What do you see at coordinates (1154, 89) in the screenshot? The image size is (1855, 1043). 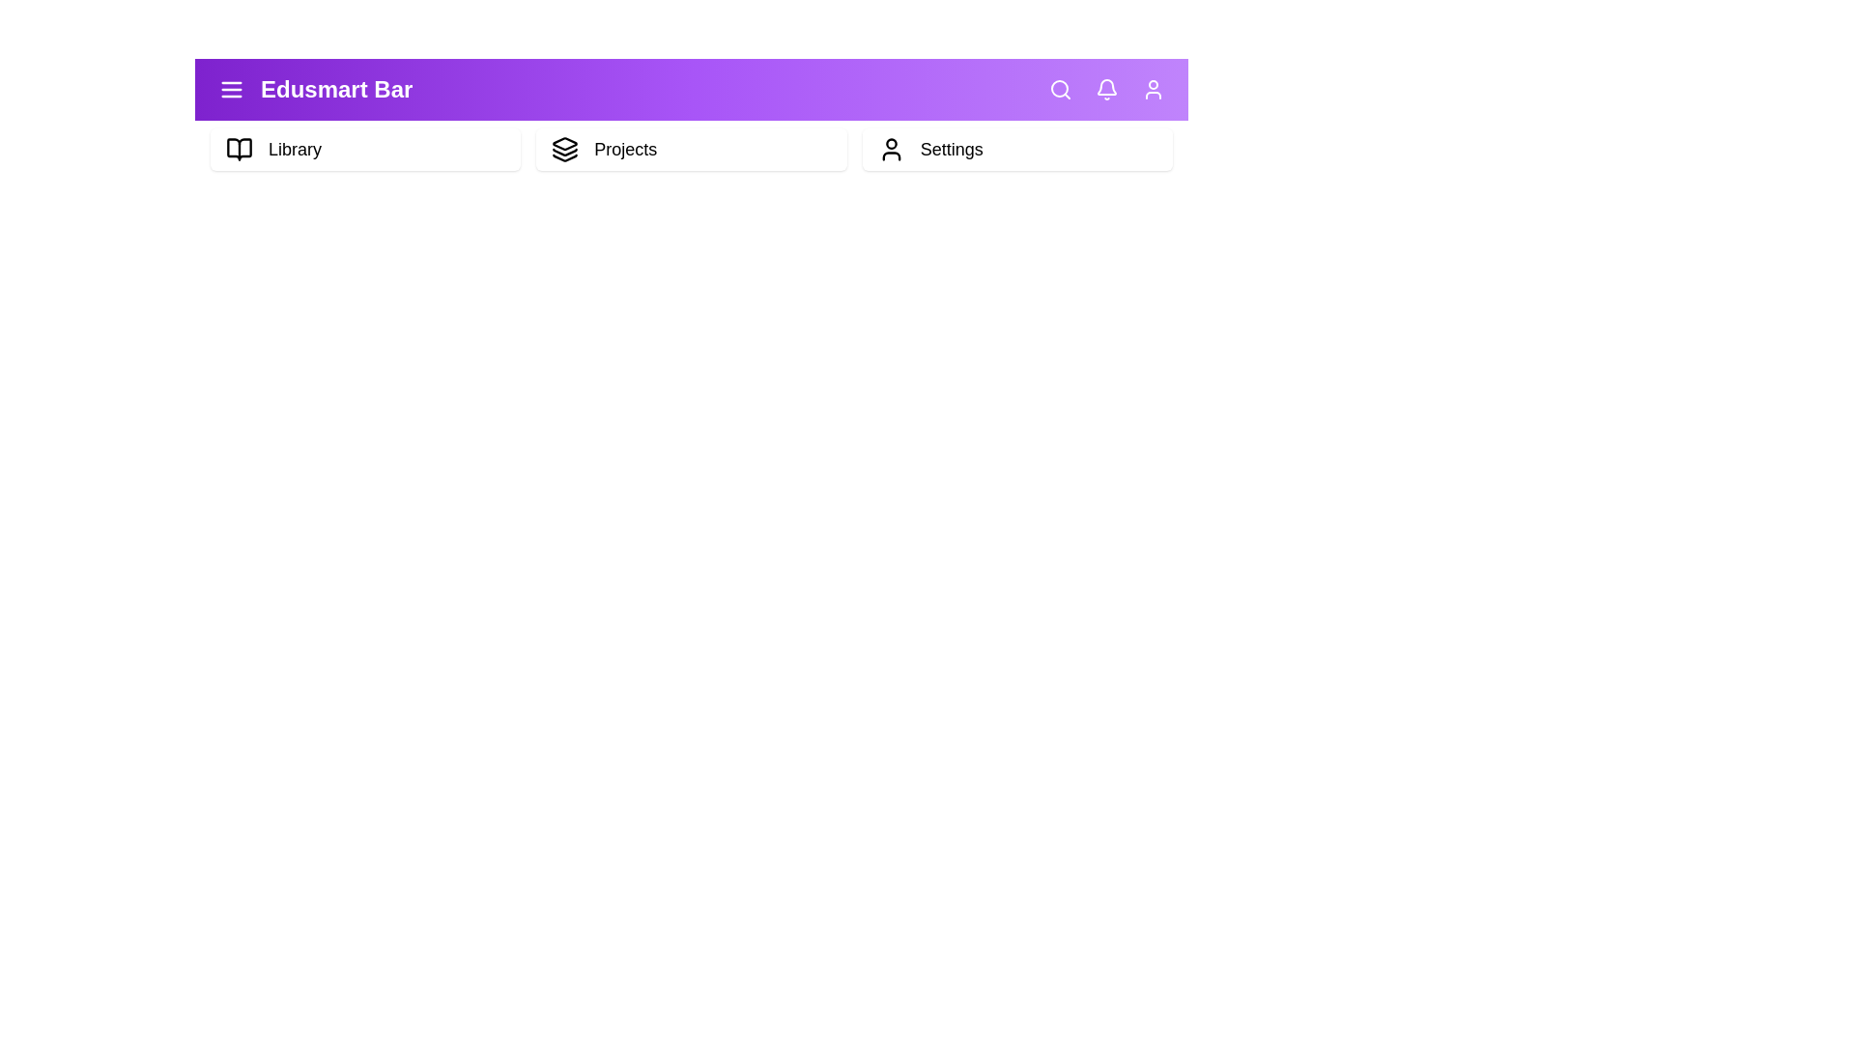 I see `the 'User' icon to access user settings` at bounding box center [1154, 89].